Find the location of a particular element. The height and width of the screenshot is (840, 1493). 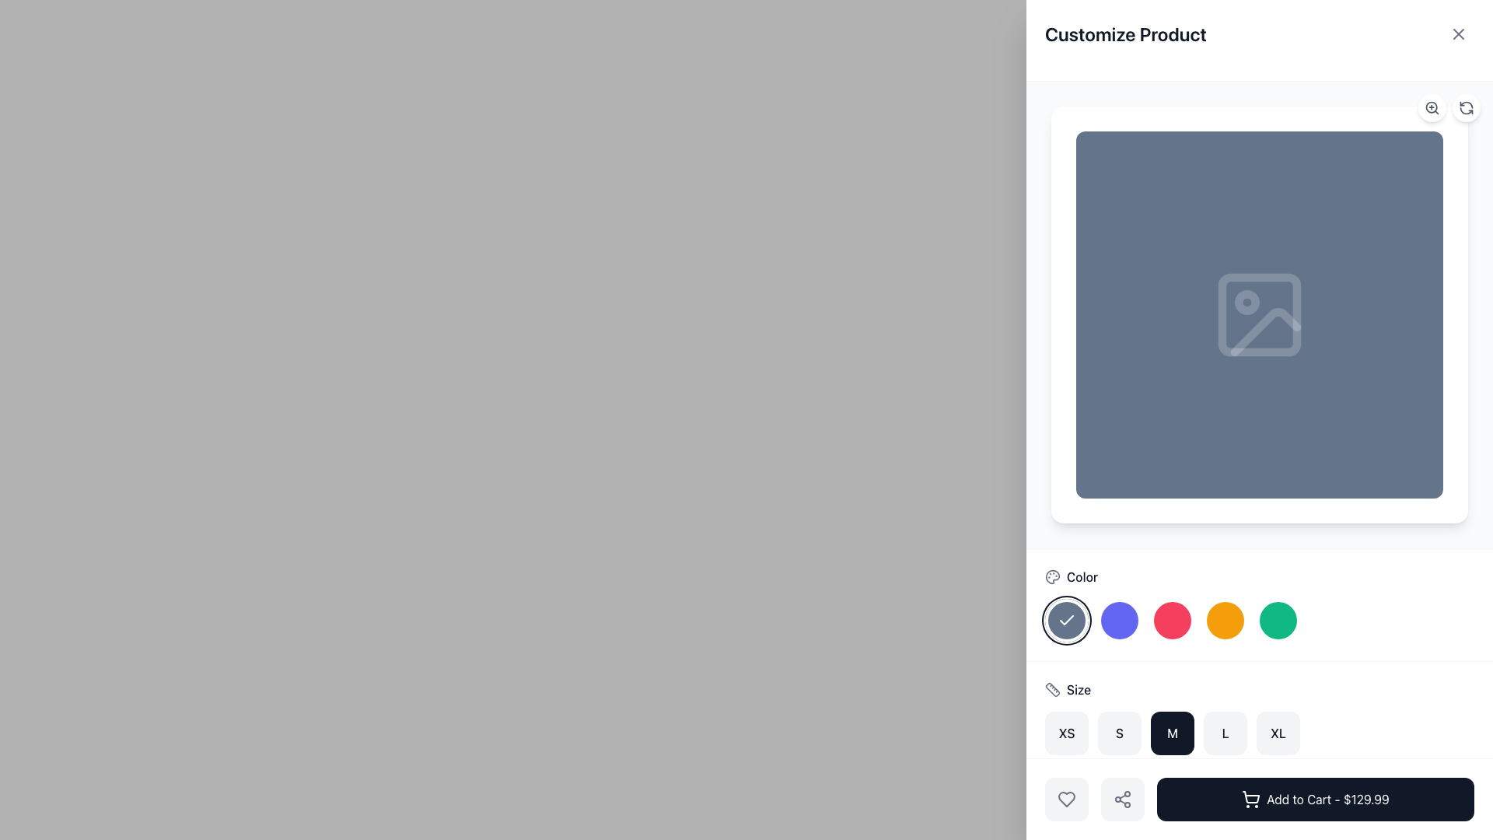

the circular button with a gray-bordered 'X' symbol located in the top-right corner of the 'Customize Product' box is located at coordinates (1458, 33).